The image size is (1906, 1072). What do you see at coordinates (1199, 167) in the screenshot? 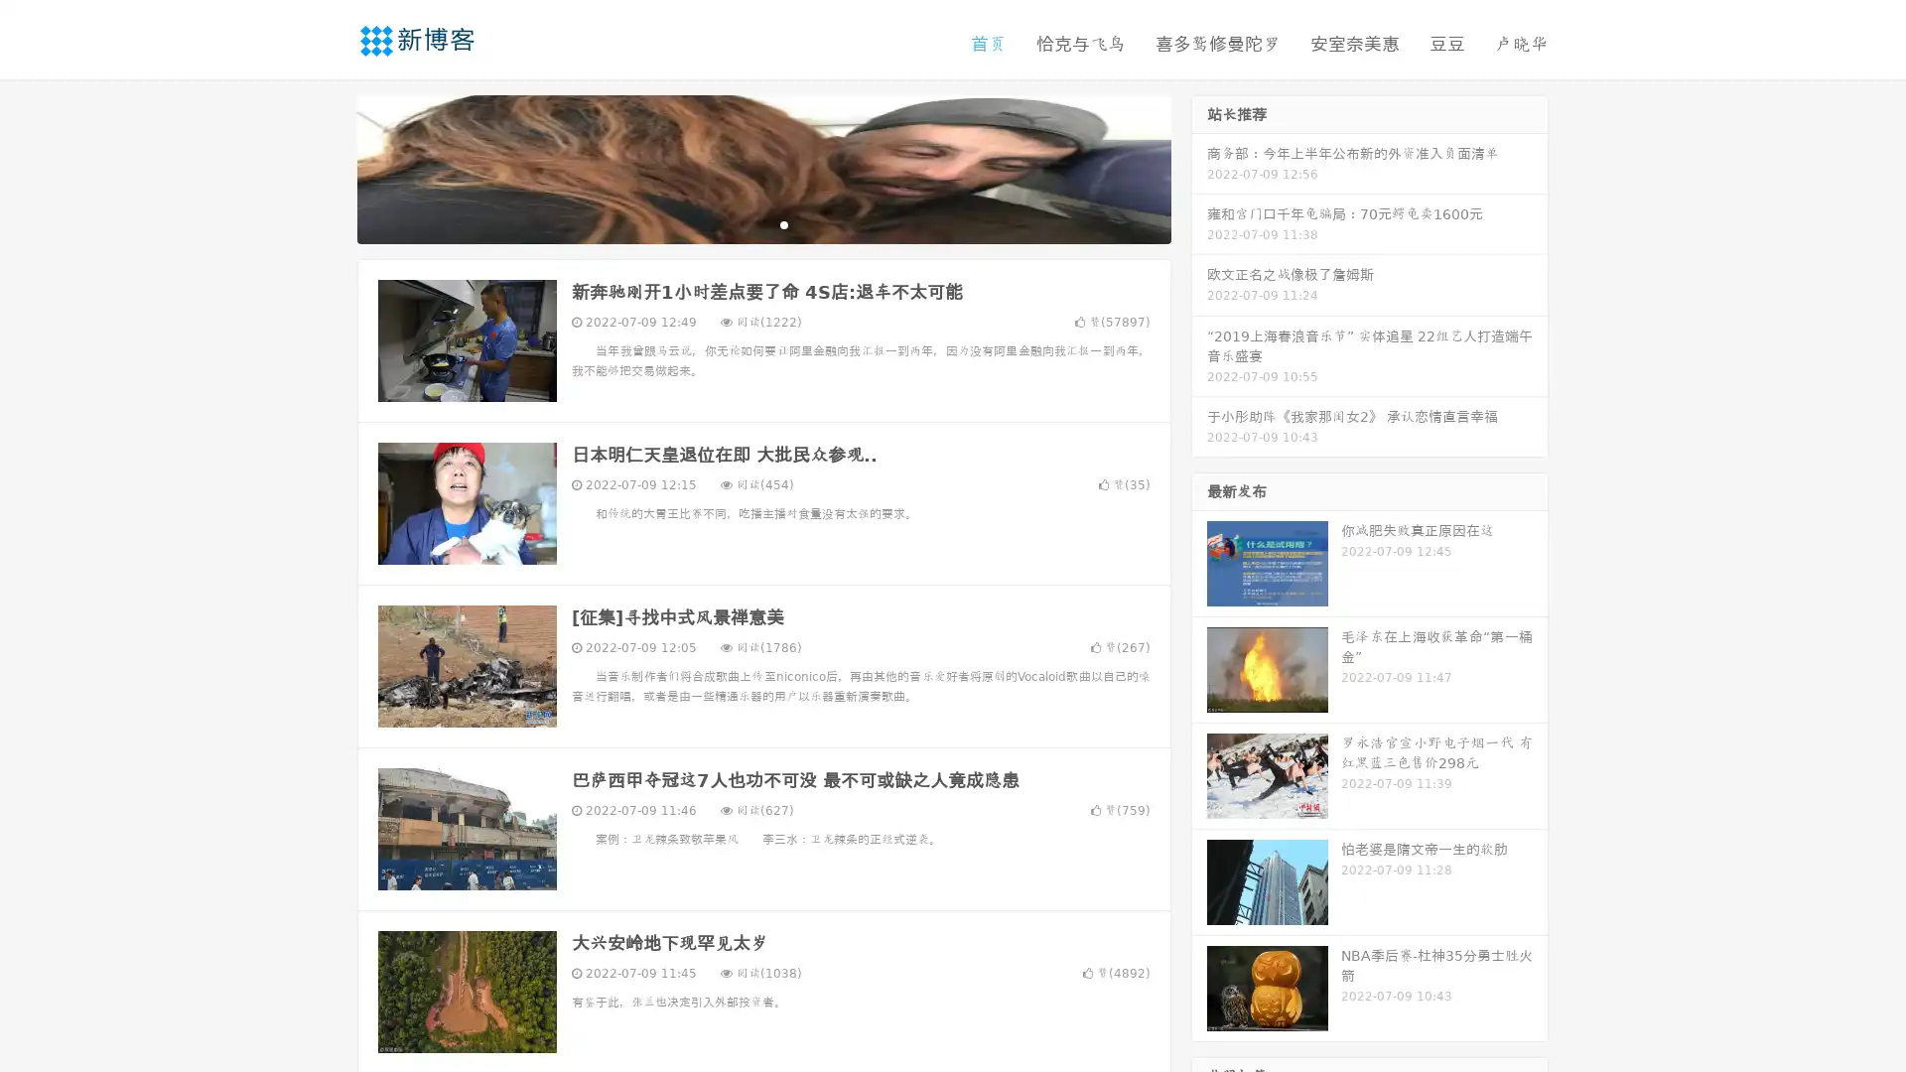
I see `Next slide` at bounding box center [1199, 167].